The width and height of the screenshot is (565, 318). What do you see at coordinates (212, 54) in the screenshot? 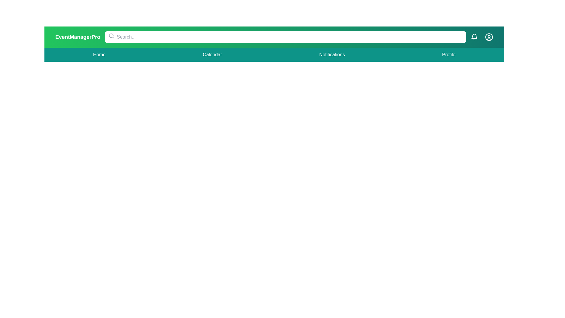
I see `the menu item Calendar from the navigation bar` at bounding box center [212, 54].